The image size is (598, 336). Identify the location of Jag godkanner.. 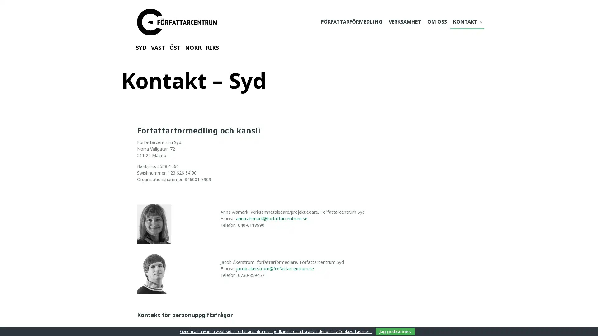
(395, 331).